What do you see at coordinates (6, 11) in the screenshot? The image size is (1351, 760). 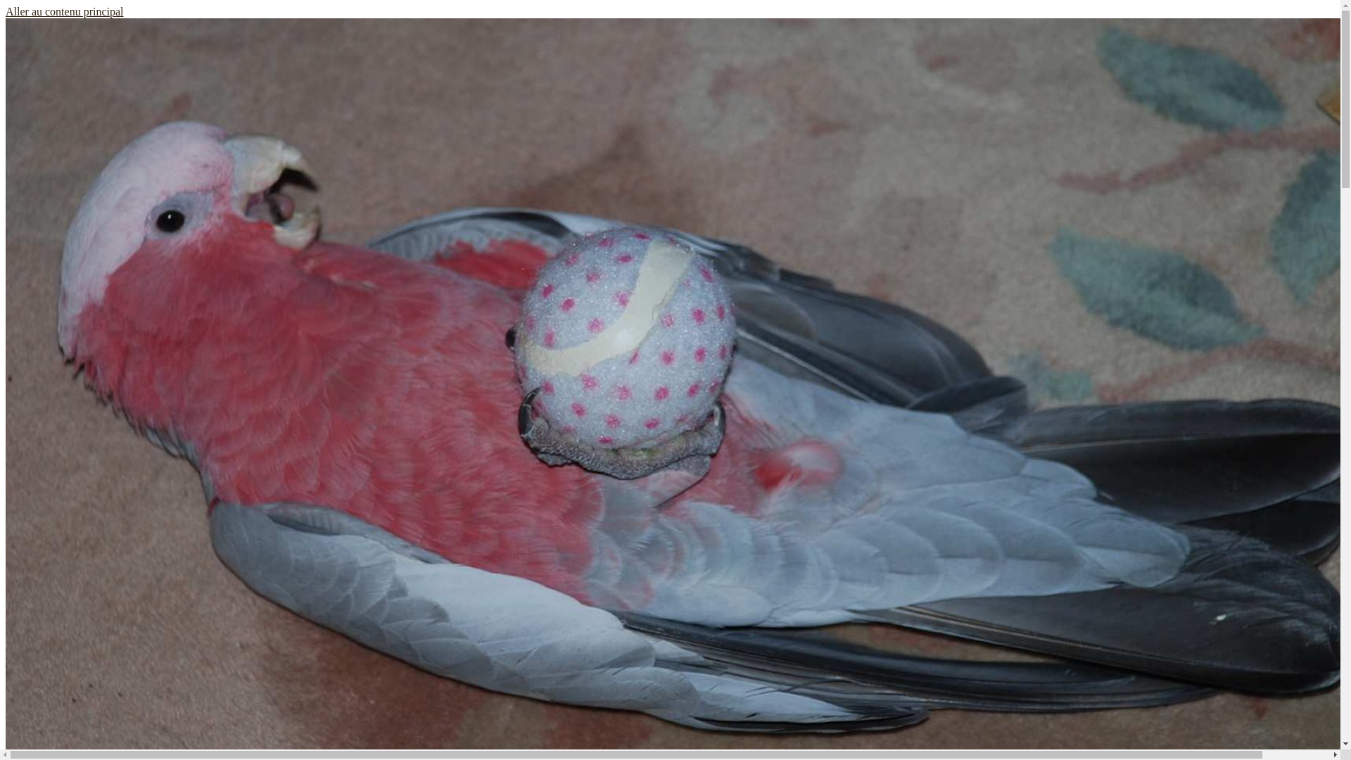 I see `'Aller au contenu principal'` at bounding box center [6, 11].